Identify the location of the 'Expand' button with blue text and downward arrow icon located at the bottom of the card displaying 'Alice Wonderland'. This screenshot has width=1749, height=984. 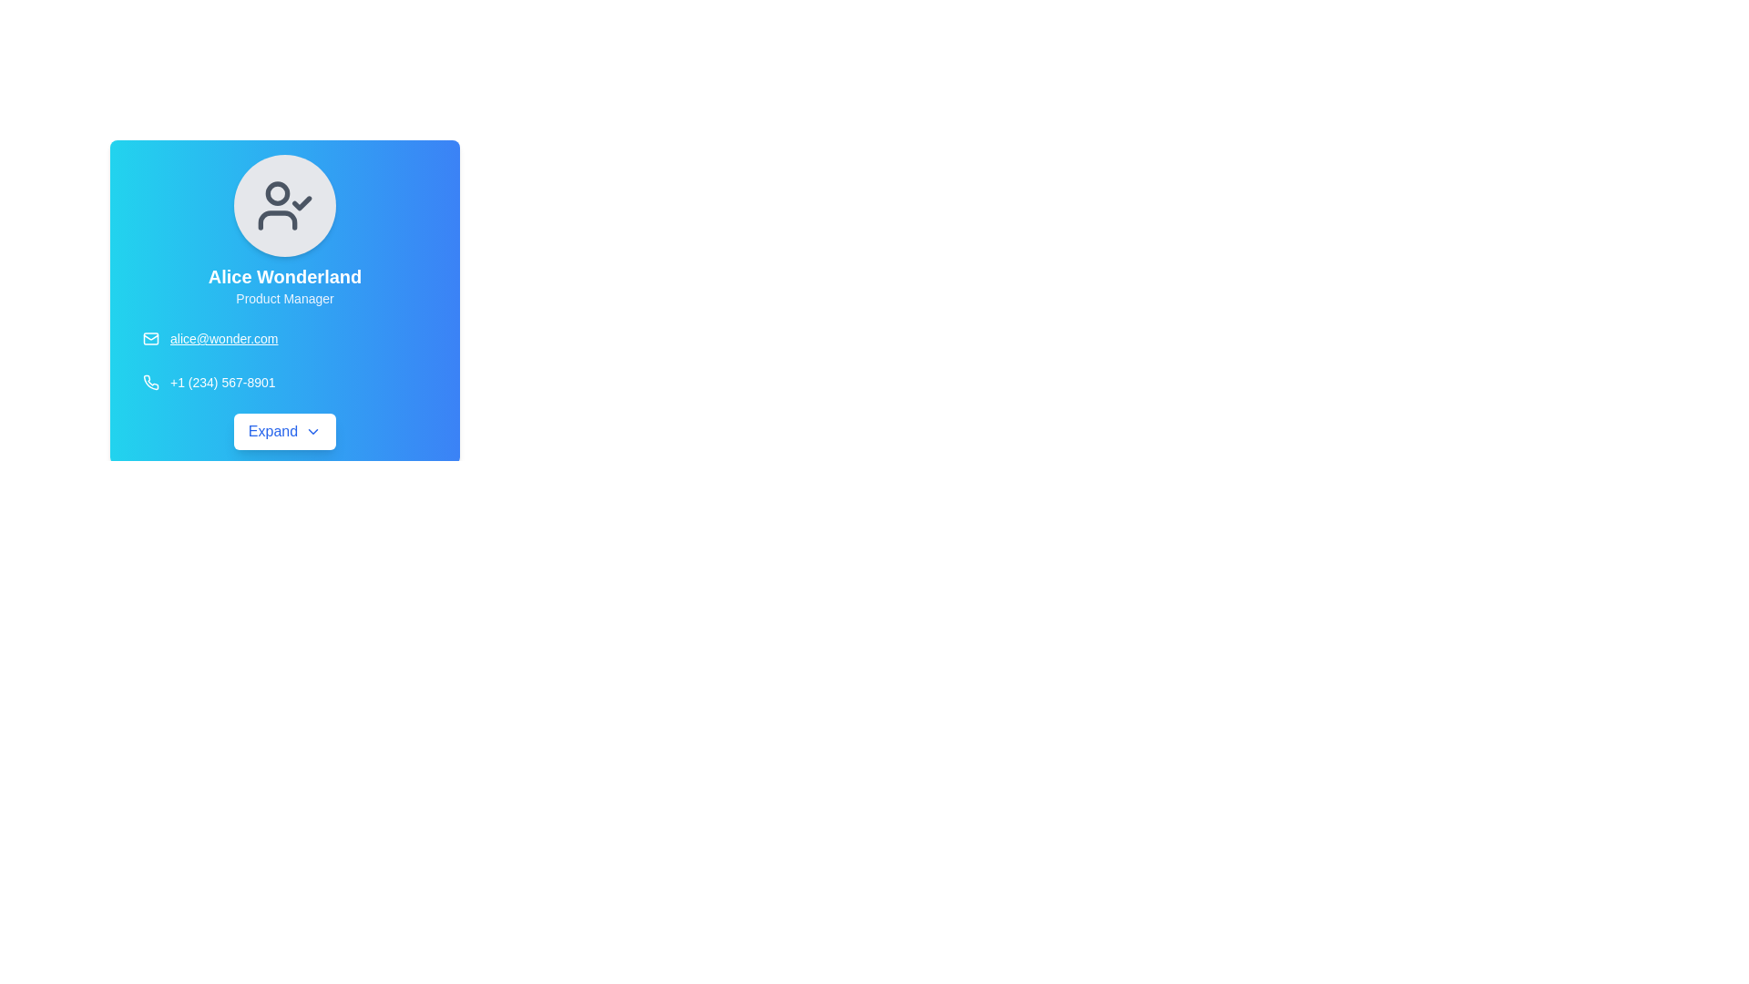
(283, 432).